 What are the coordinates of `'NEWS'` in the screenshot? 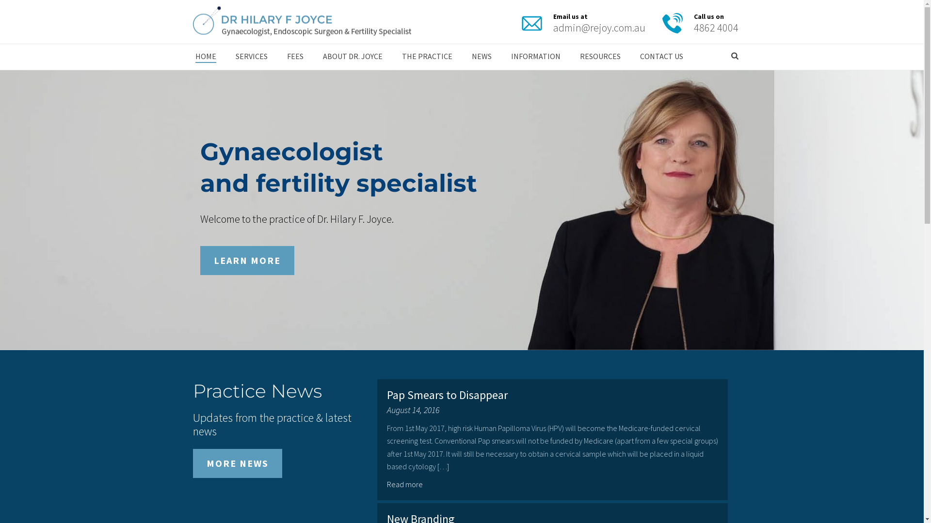 It's located at (461, 57).